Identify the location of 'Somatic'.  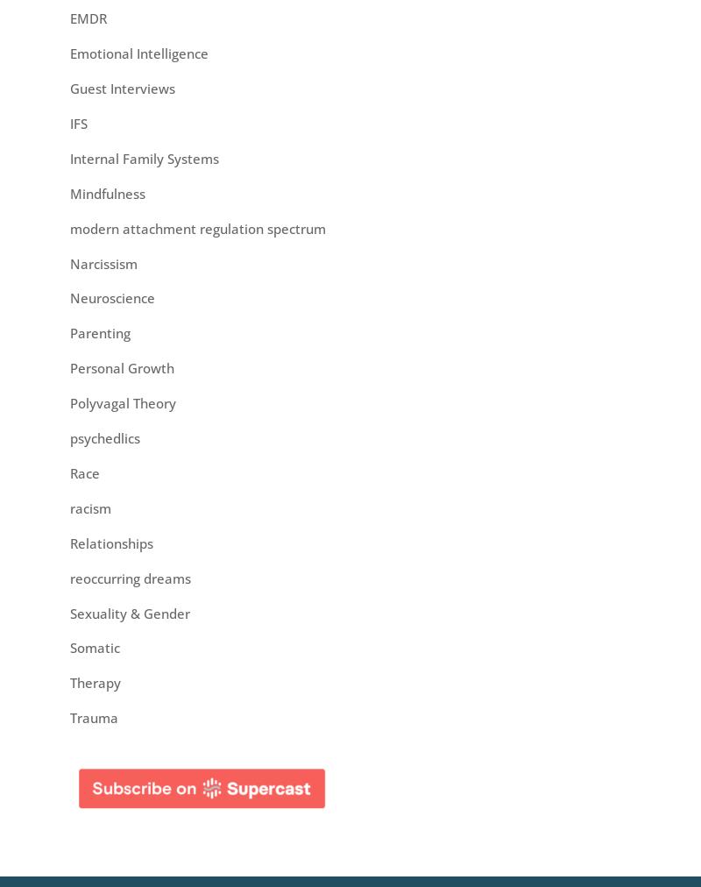
(94, 647).